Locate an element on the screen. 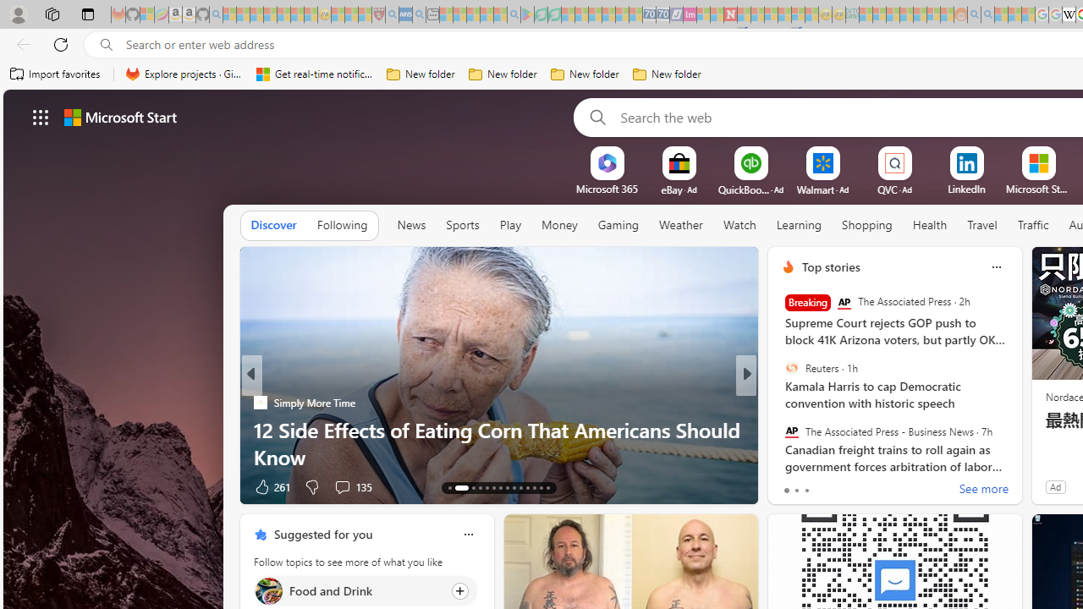 This screenshot has width=1083, height=609. 'Discover' is located at coordinates (273, 225).